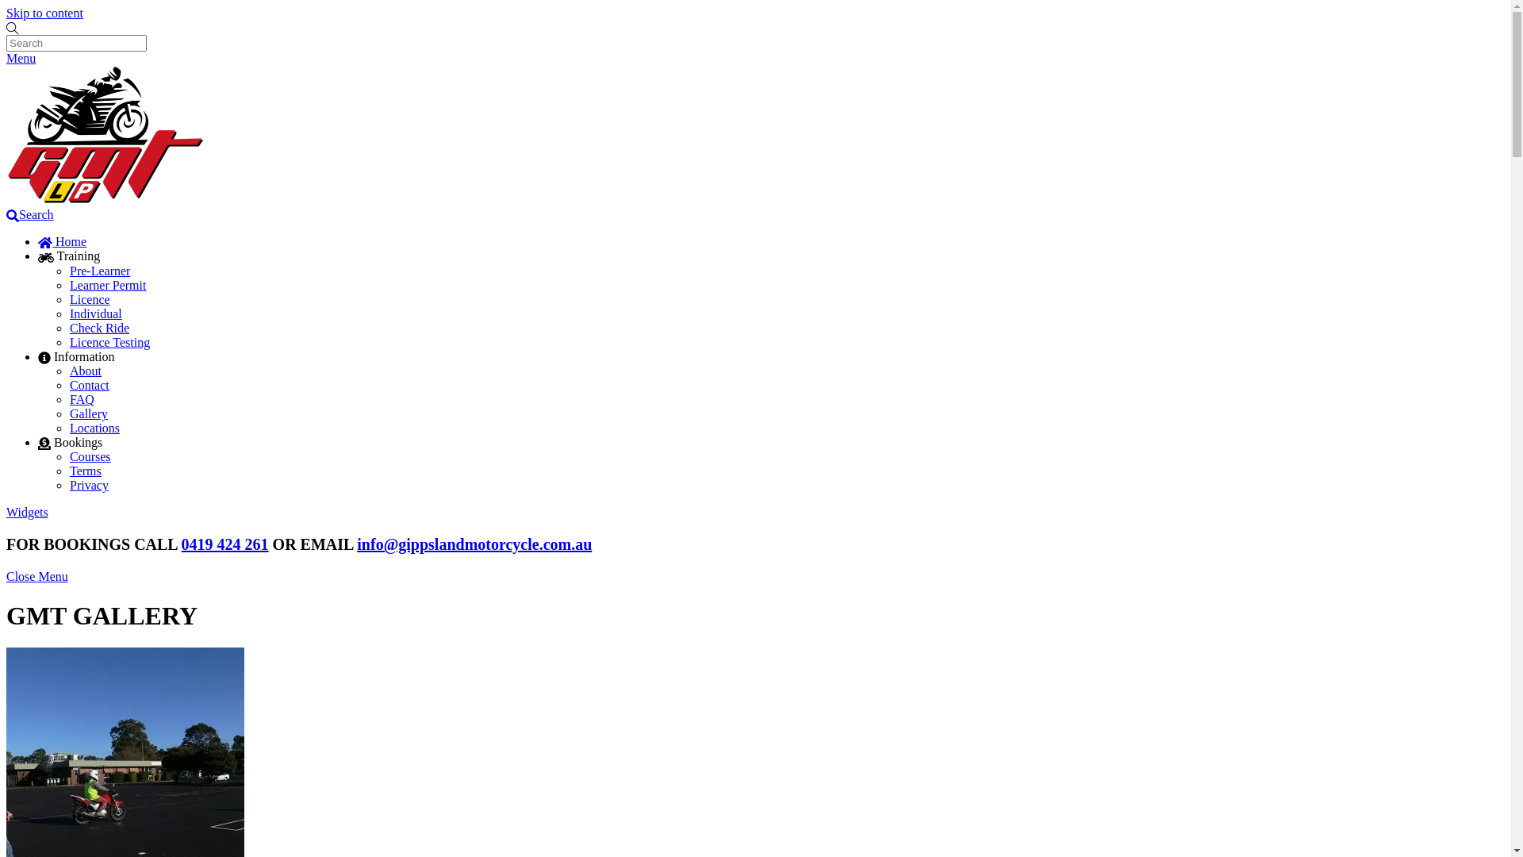  Describe the element at coordinates (106, 284) in the screenshot. I see `'Learner Permit'` at that location.